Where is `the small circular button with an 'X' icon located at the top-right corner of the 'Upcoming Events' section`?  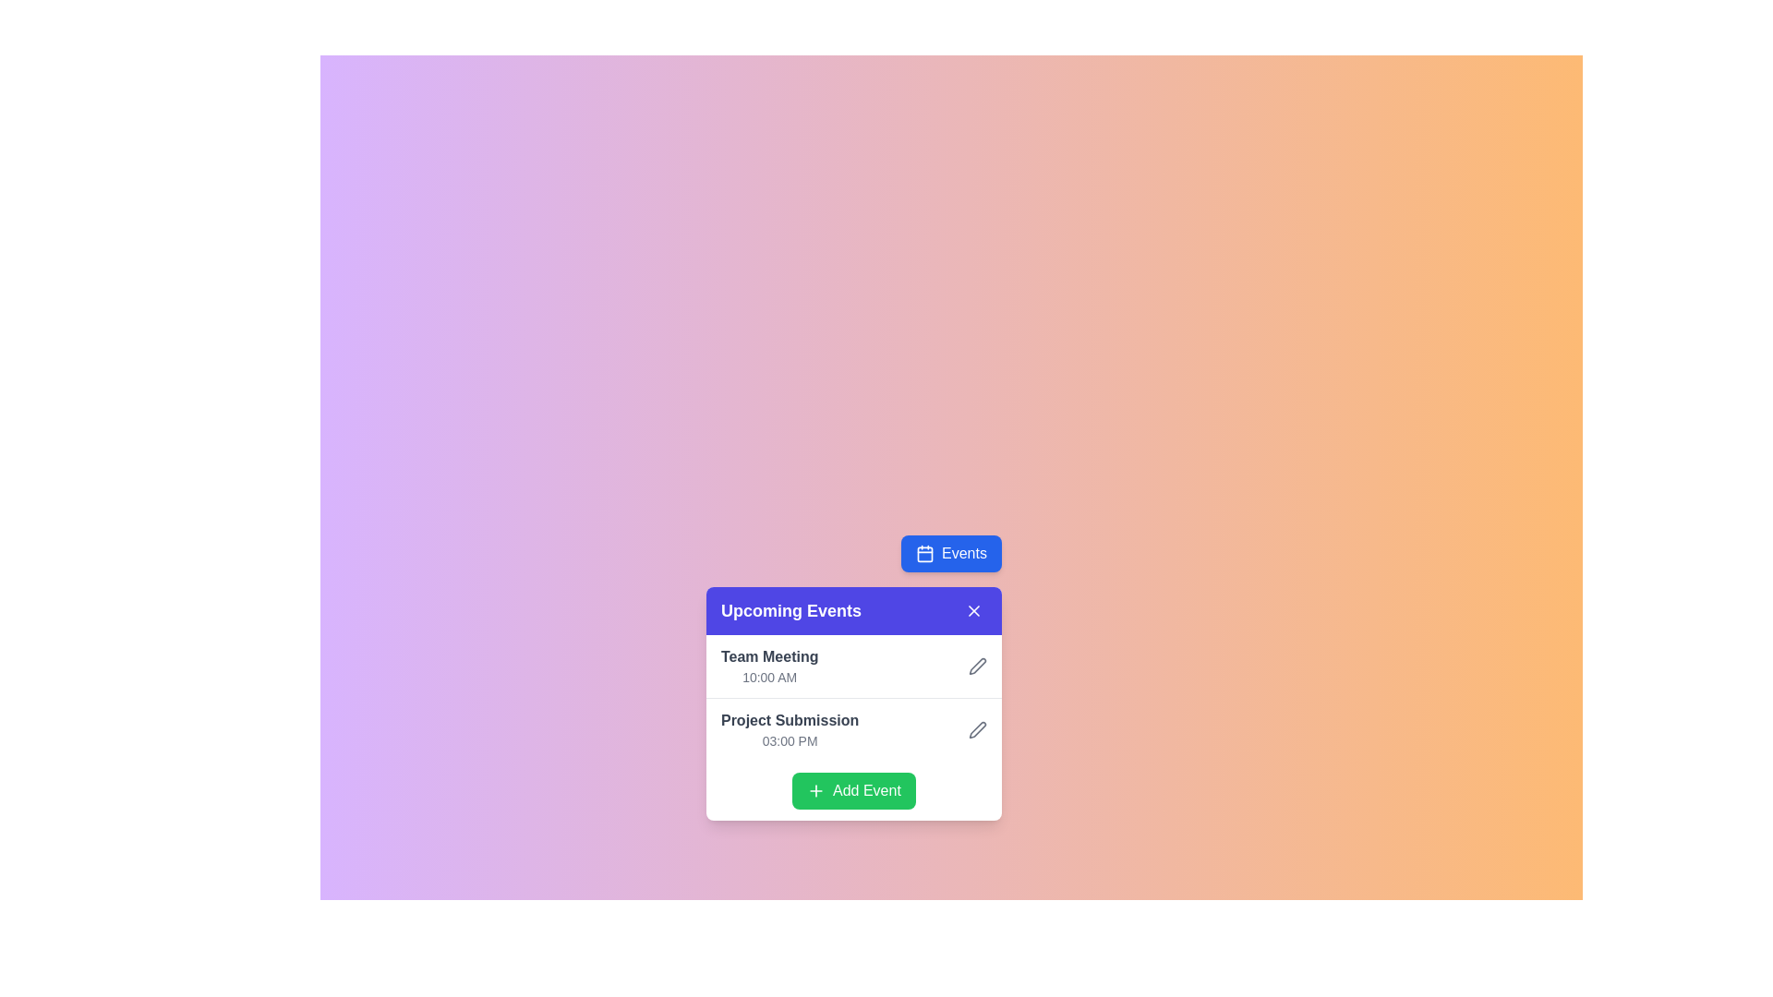 the small circular button with an 'X' icon located at the top-right corner of the 'Upcoming Events' section is located at coordinates (973, 611).